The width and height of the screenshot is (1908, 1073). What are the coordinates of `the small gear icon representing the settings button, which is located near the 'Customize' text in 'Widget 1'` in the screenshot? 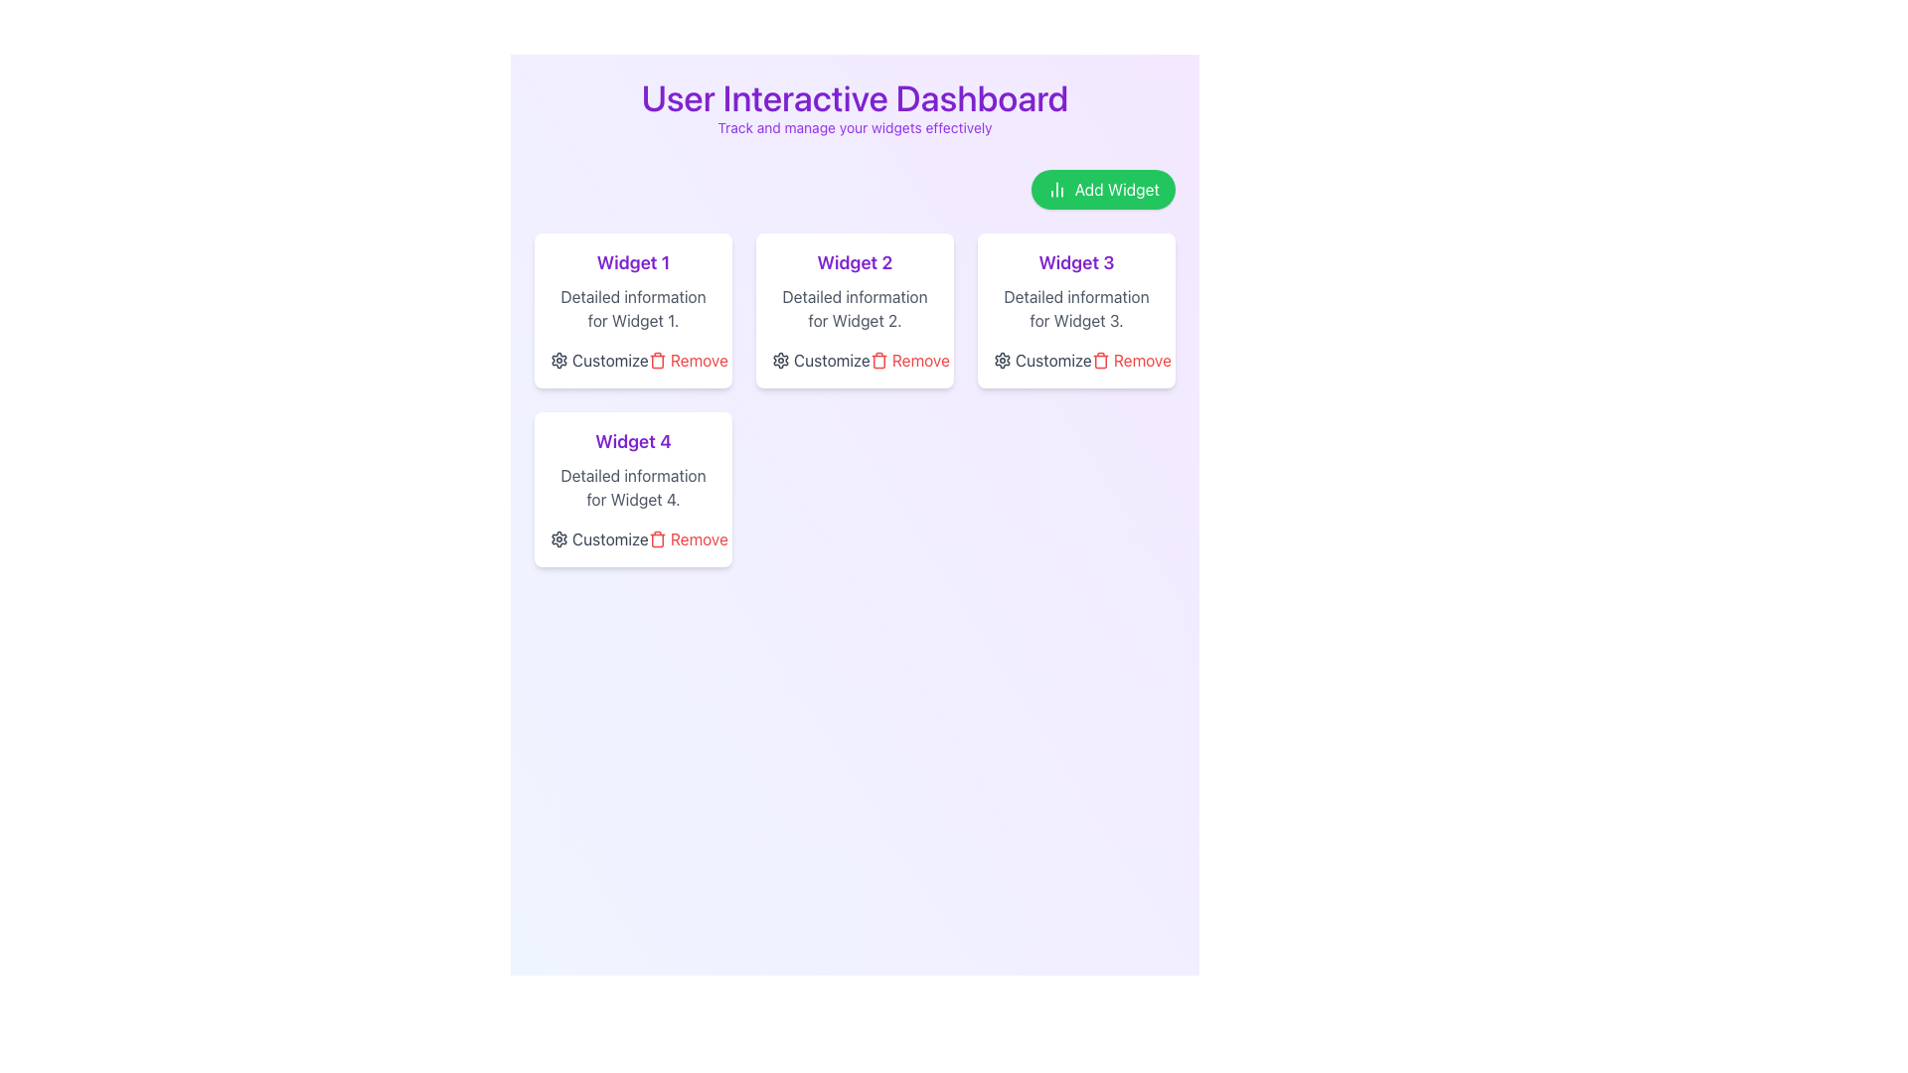 It's located at (557, 360).